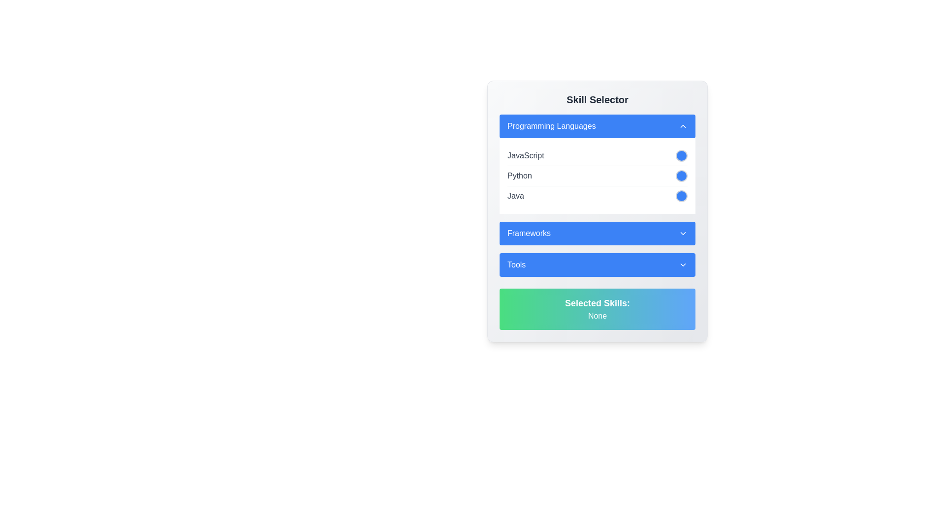 Image resolution: width=945 pixels, height=531 pixels. What do you see at coordinates (597, 303) in the screenshot?
I see `the descriptive Text Label that identifies the purpose of the section beneath it, located above the 'None' text element in the 'Skill Selector' interface` at bounding box center [597, 303].